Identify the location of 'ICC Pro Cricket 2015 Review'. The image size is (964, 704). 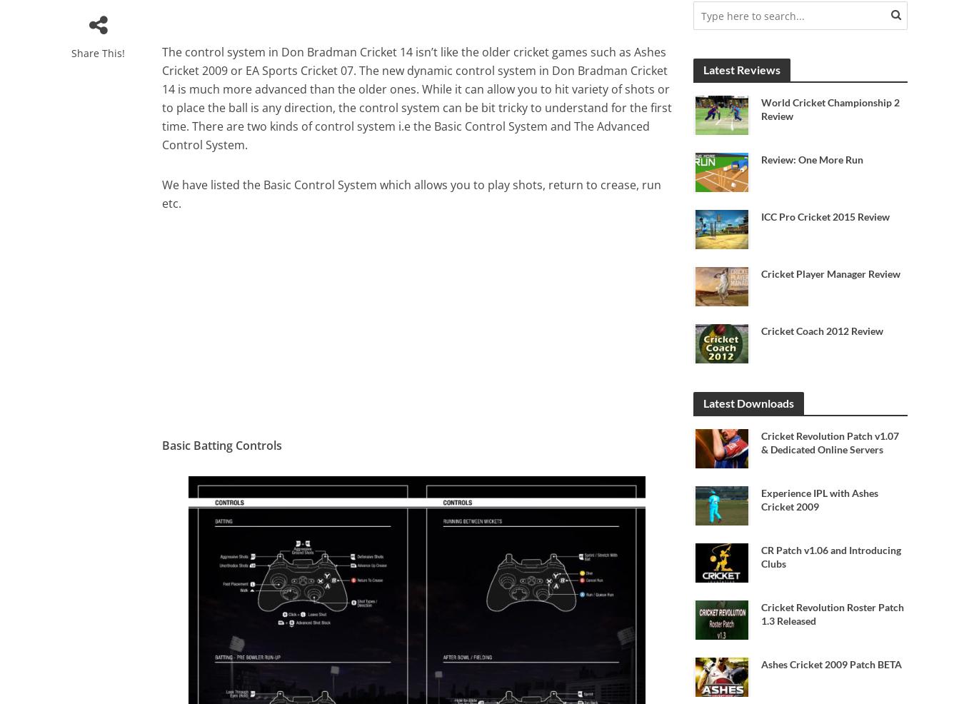
(825, 216).